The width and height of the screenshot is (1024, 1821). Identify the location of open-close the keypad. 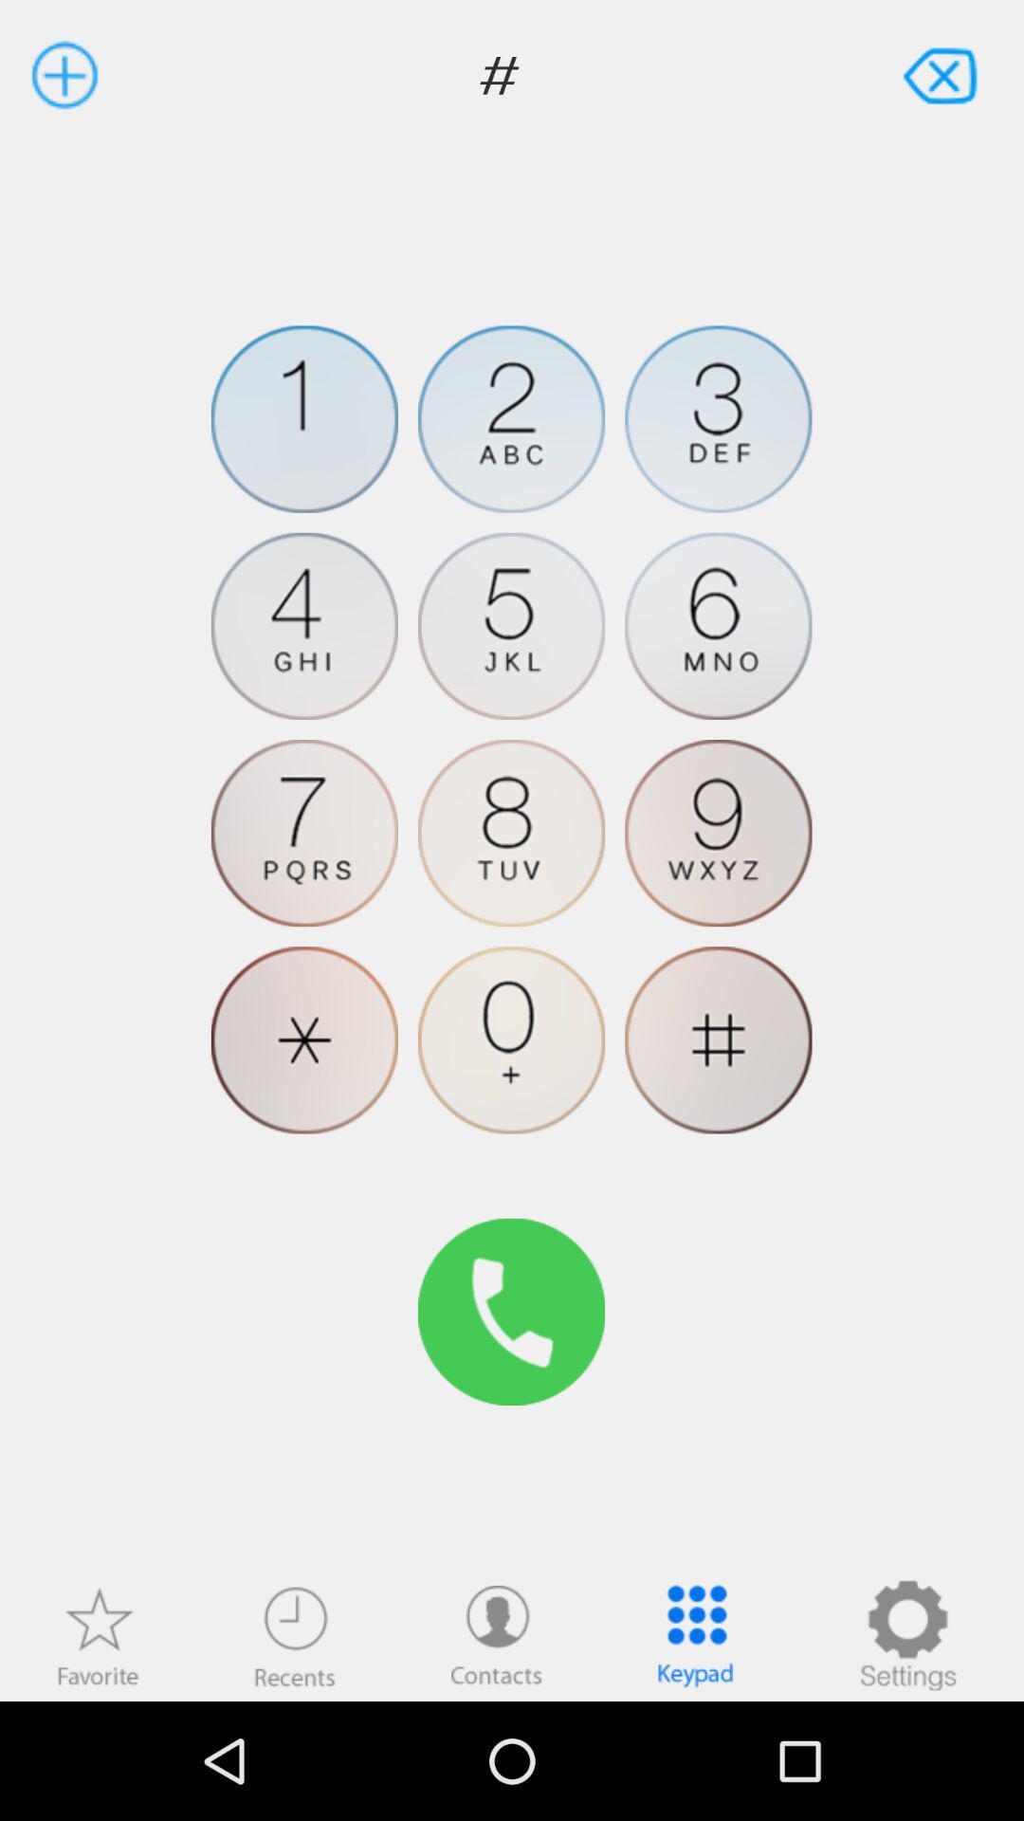
(695, 1634).